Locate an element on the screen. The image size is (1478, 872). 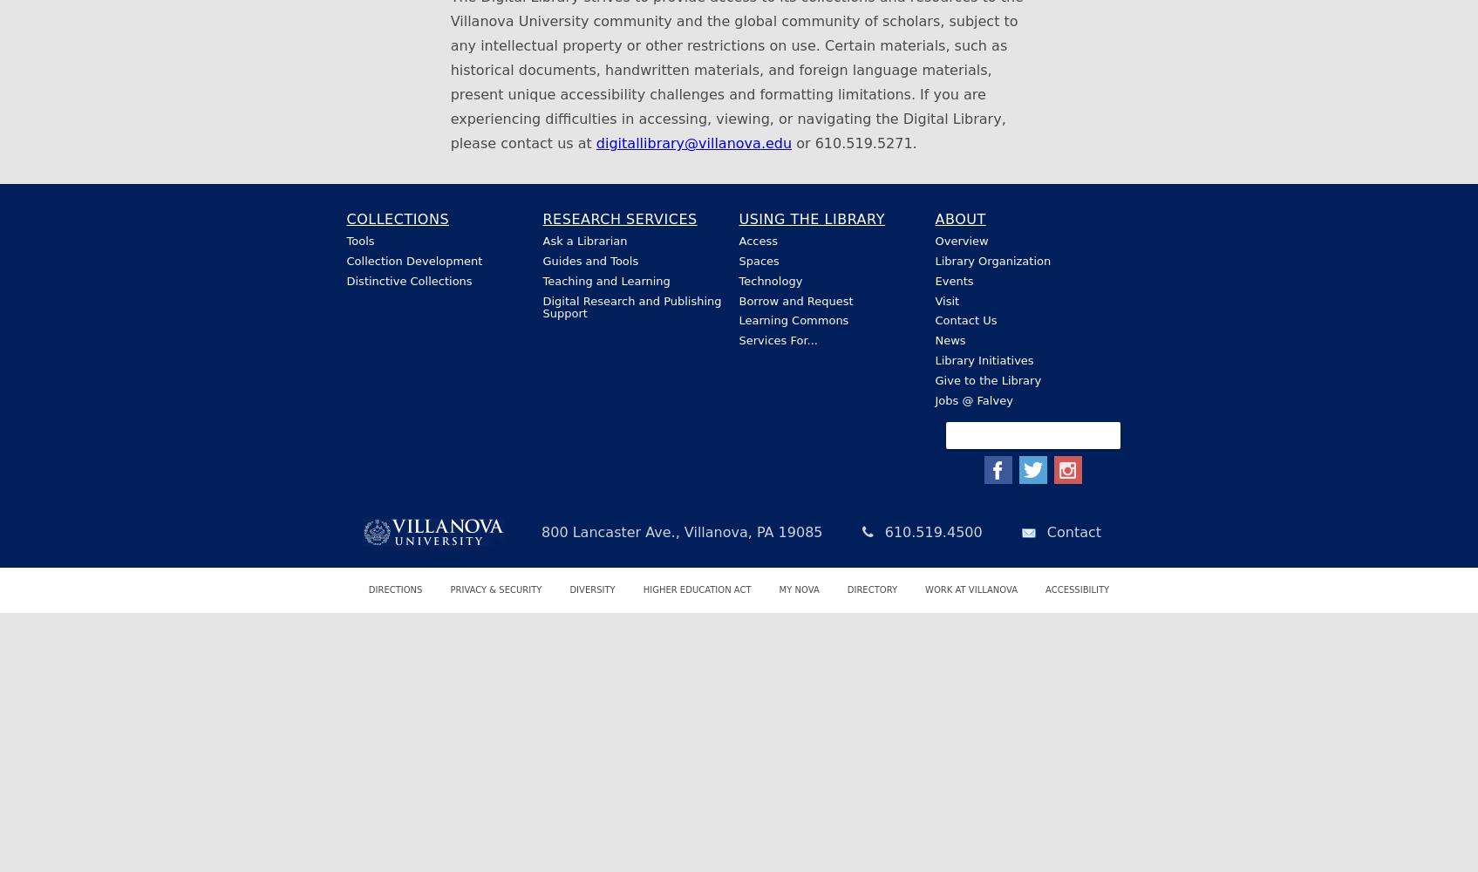
'610.519.4500' is located at coordinates (930, 531).